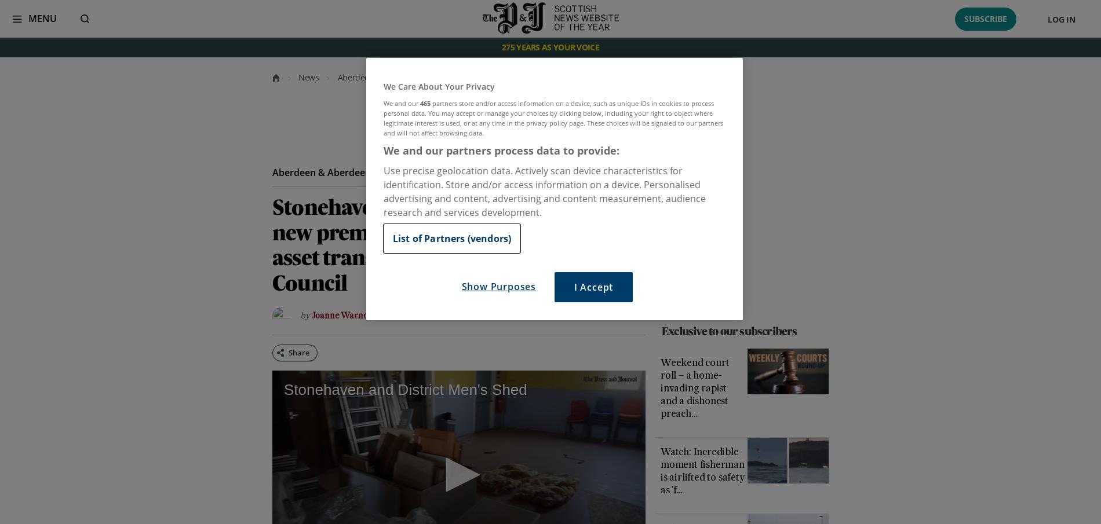  Describe the element at coordinates (963, 17) in the screenshot. I see `'Subscribe'` at that location.